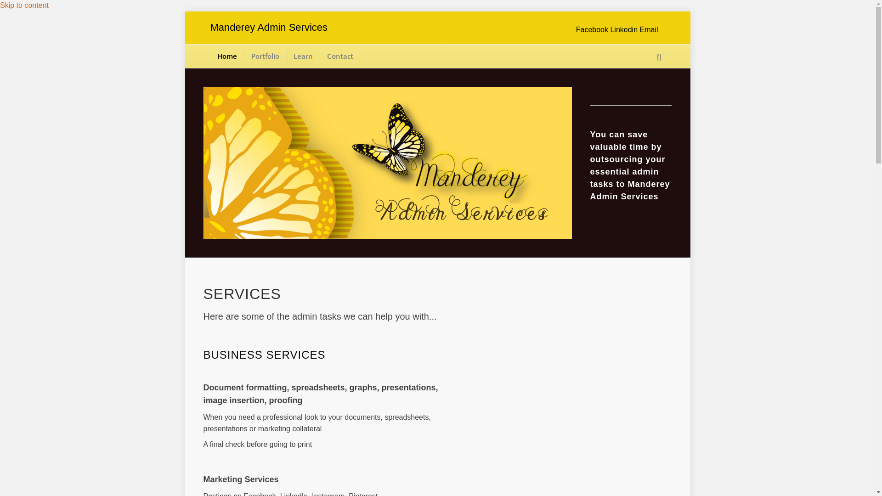 The image size is (882, 496). I want to click on 'Home', so click(227, 56).